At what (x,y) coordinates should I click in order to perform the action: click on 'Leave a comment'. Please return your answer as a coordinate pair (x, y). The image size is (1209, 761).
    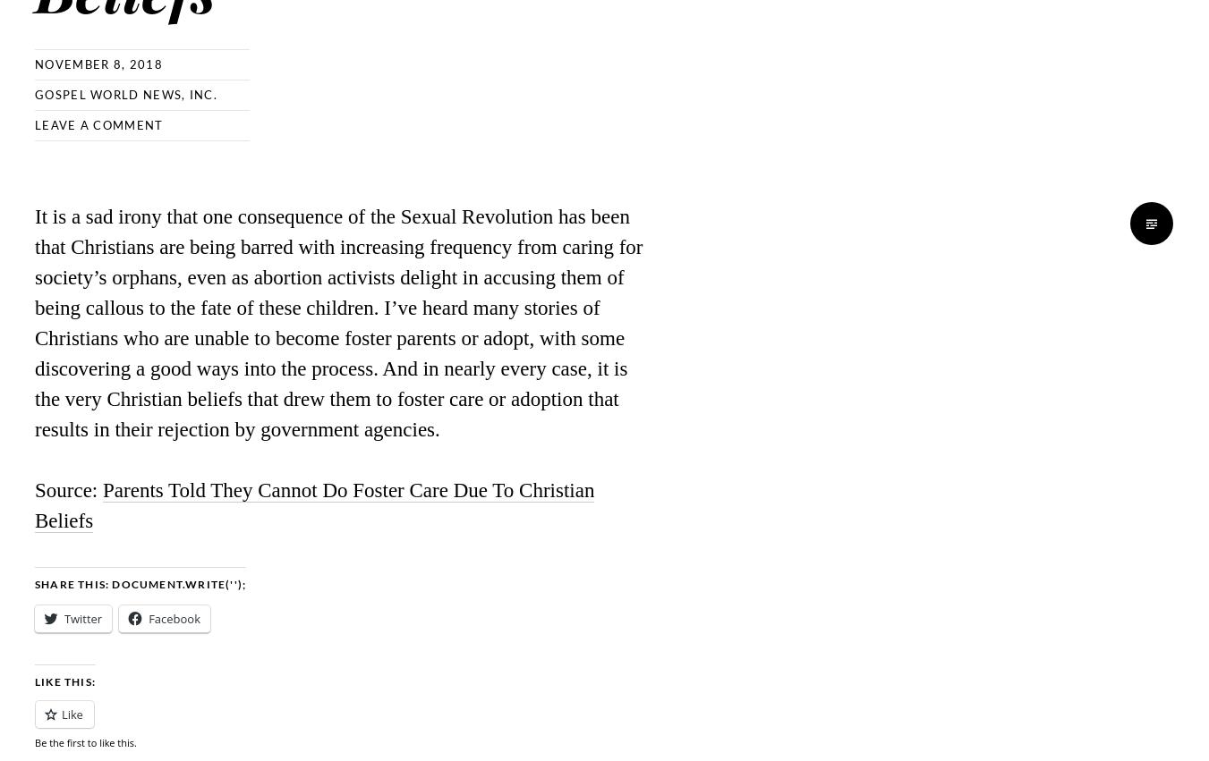
    Looking at the image, I should click on (98, 123).